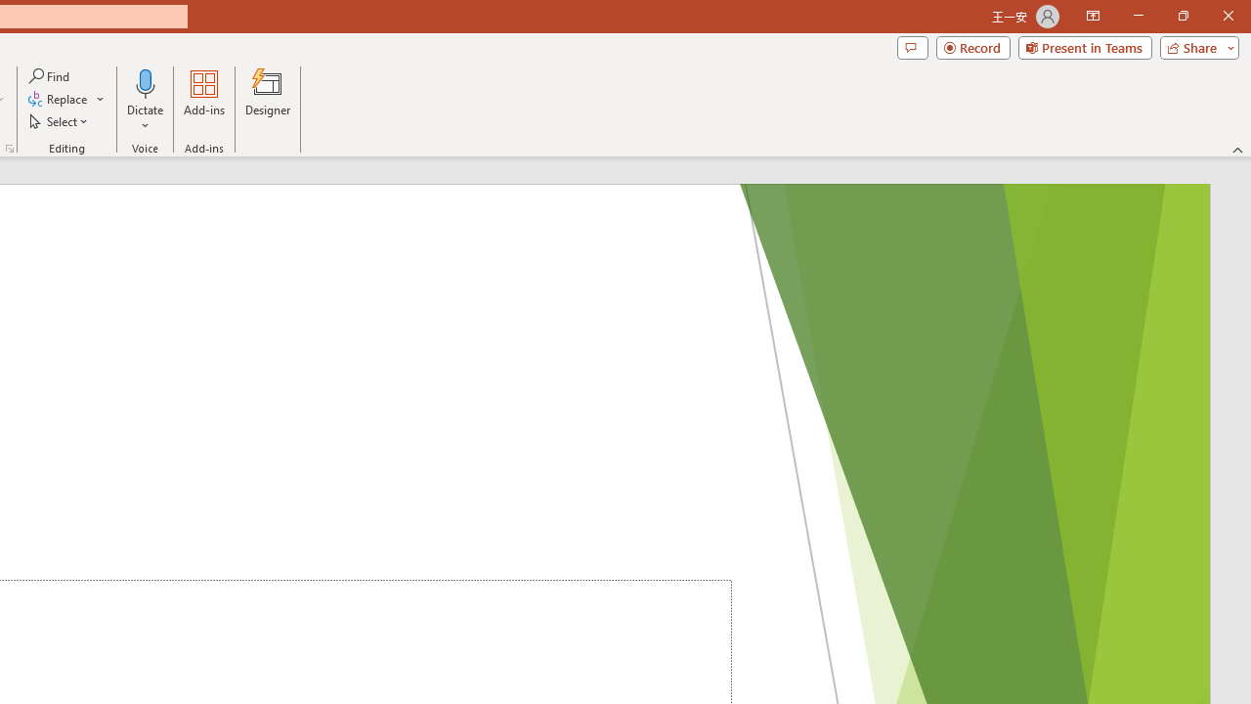 The width and height of the screenshot is (1251, 704). I want to click on 'Replace...', so click(59, 99).